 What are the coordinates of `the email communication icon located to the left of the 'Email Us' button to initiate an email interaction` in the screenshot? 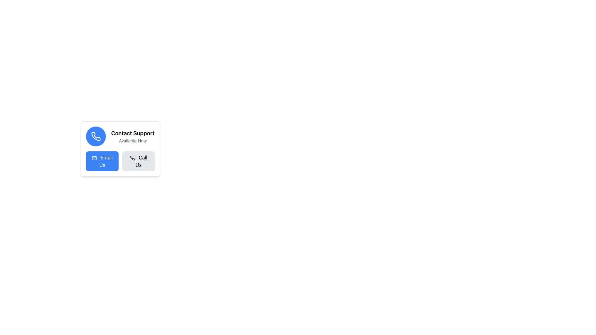 It's located at (94, 158).